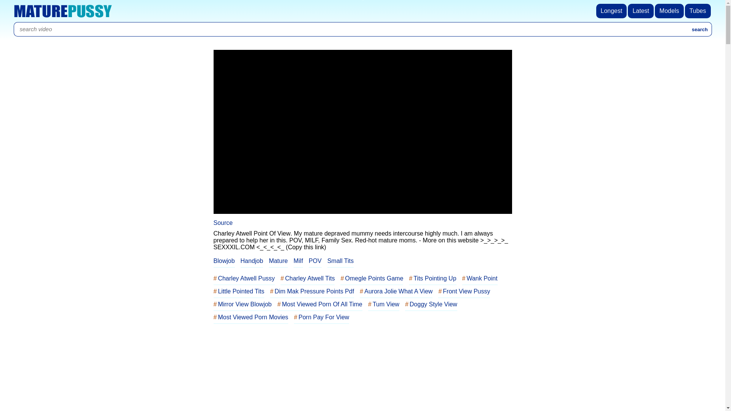 The image size is (731, 411). What do you see at coordinates (242, 304) in the screenshot?
I see `'Mirror View Blowjob'` at bounding box center [242, 304].